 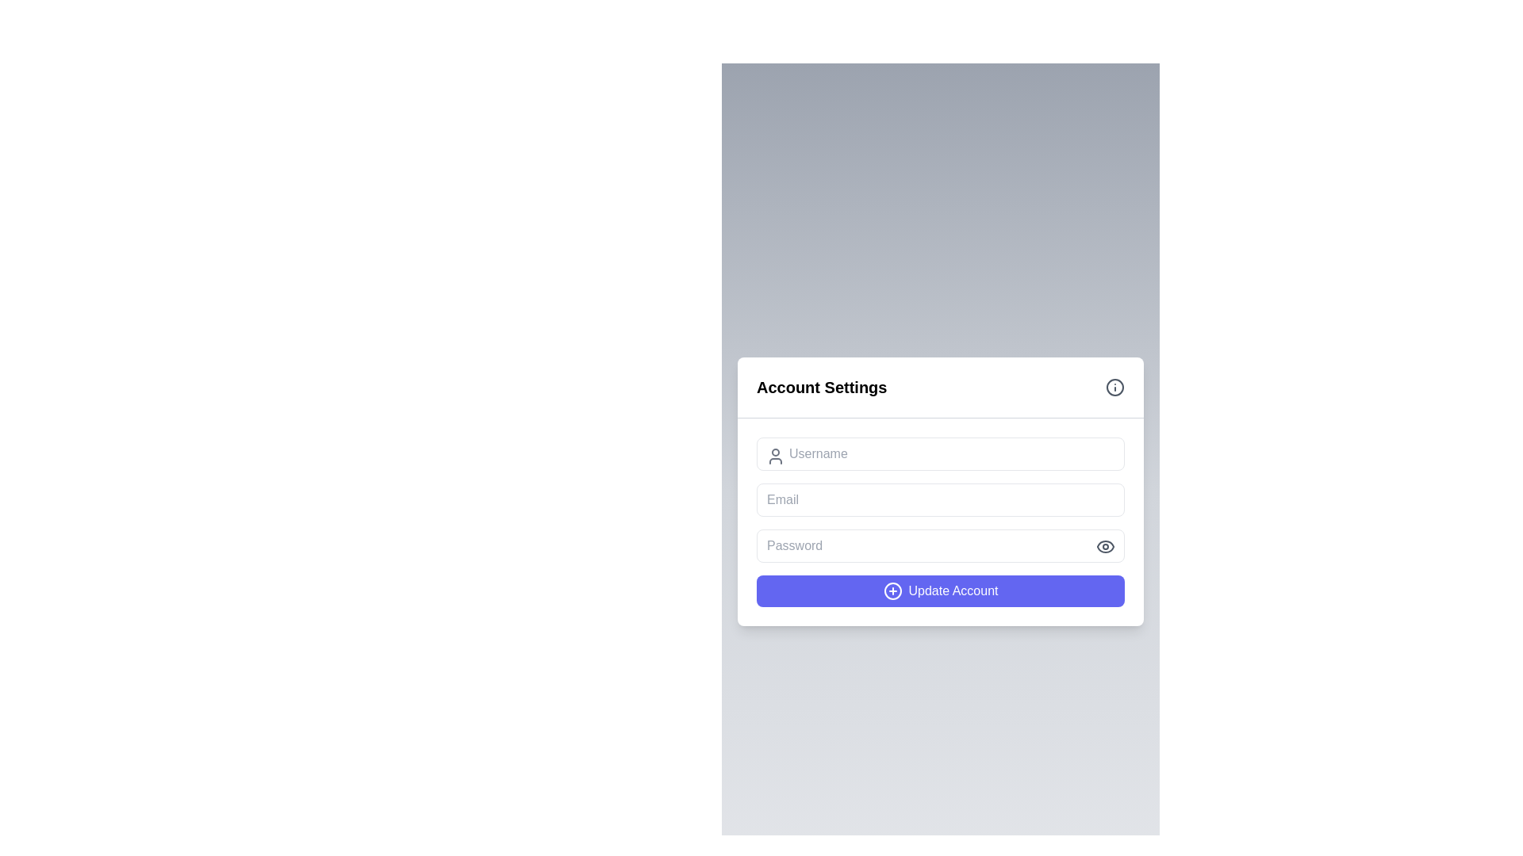 I want to click on the toggle button positioned to the right side of the password input field to switch the visibility mode of the password text, so click(x=1104, y=545).